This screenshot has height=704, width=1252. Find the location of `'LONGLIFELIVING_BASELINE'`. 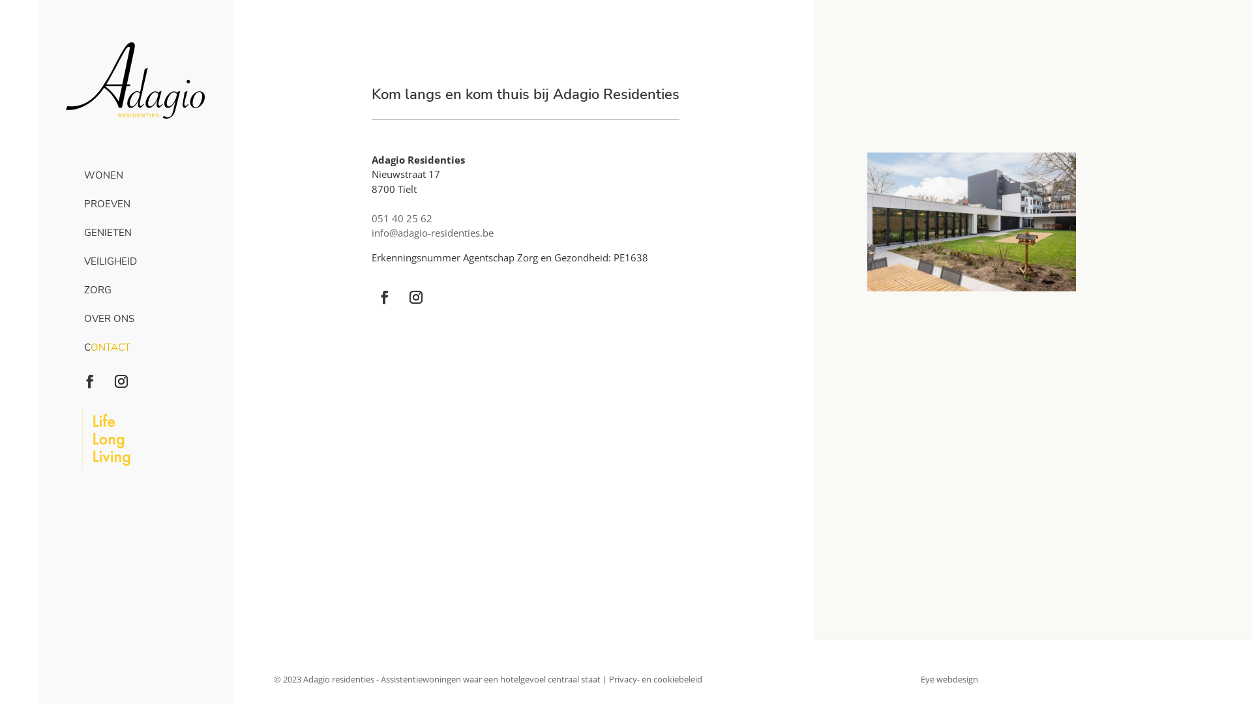

'LONGLIFELIVING_BASELINE' is located at coordinates (106, 439).